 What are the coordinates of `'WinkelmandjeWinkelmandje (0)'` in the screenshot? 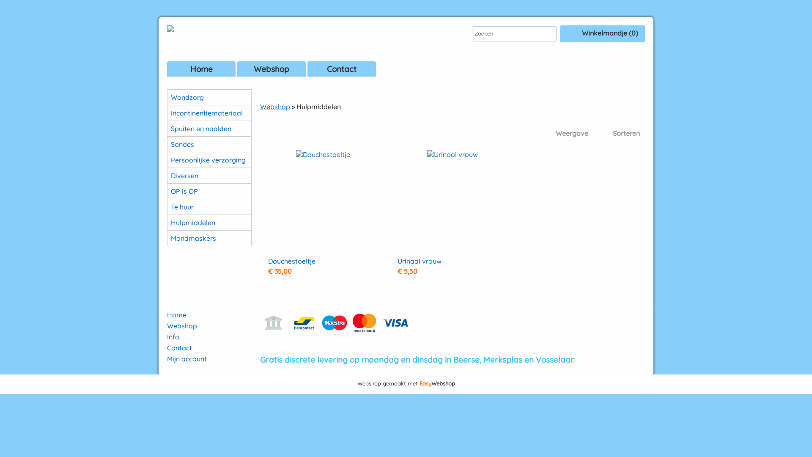 It's located at (602, 33).